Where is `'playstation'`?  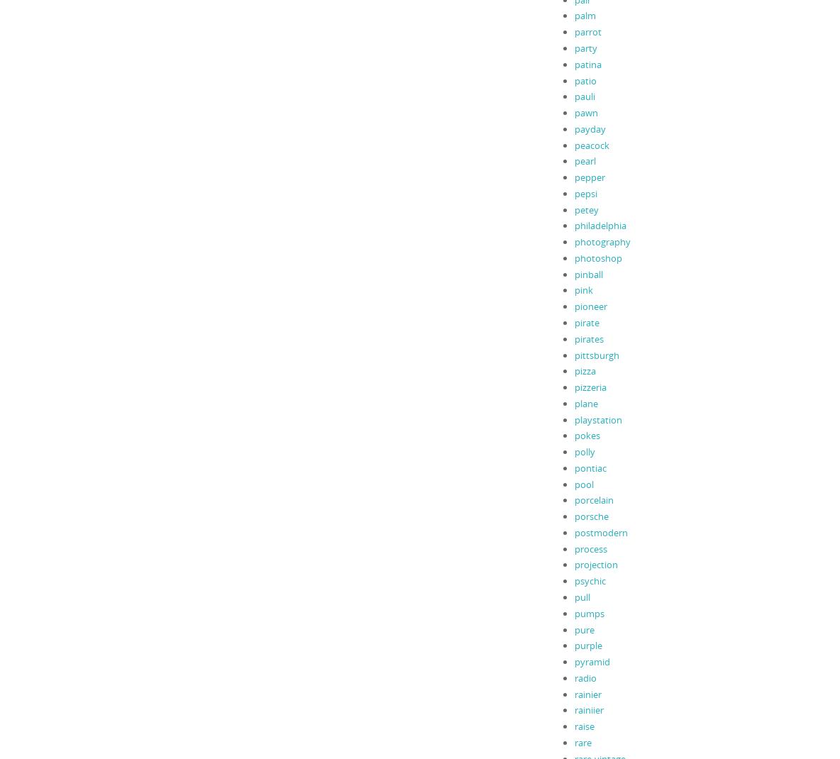
'playstation' is located at coordinates (573, 418).